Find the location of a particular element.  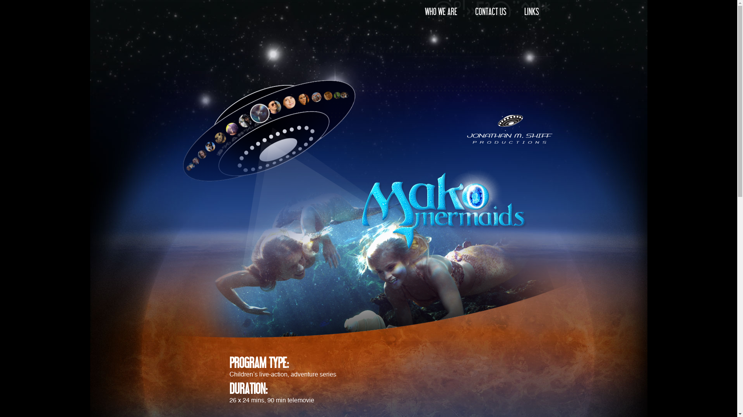

'H20 - JUST ADD WATER' is located at coordinates (315, 97).